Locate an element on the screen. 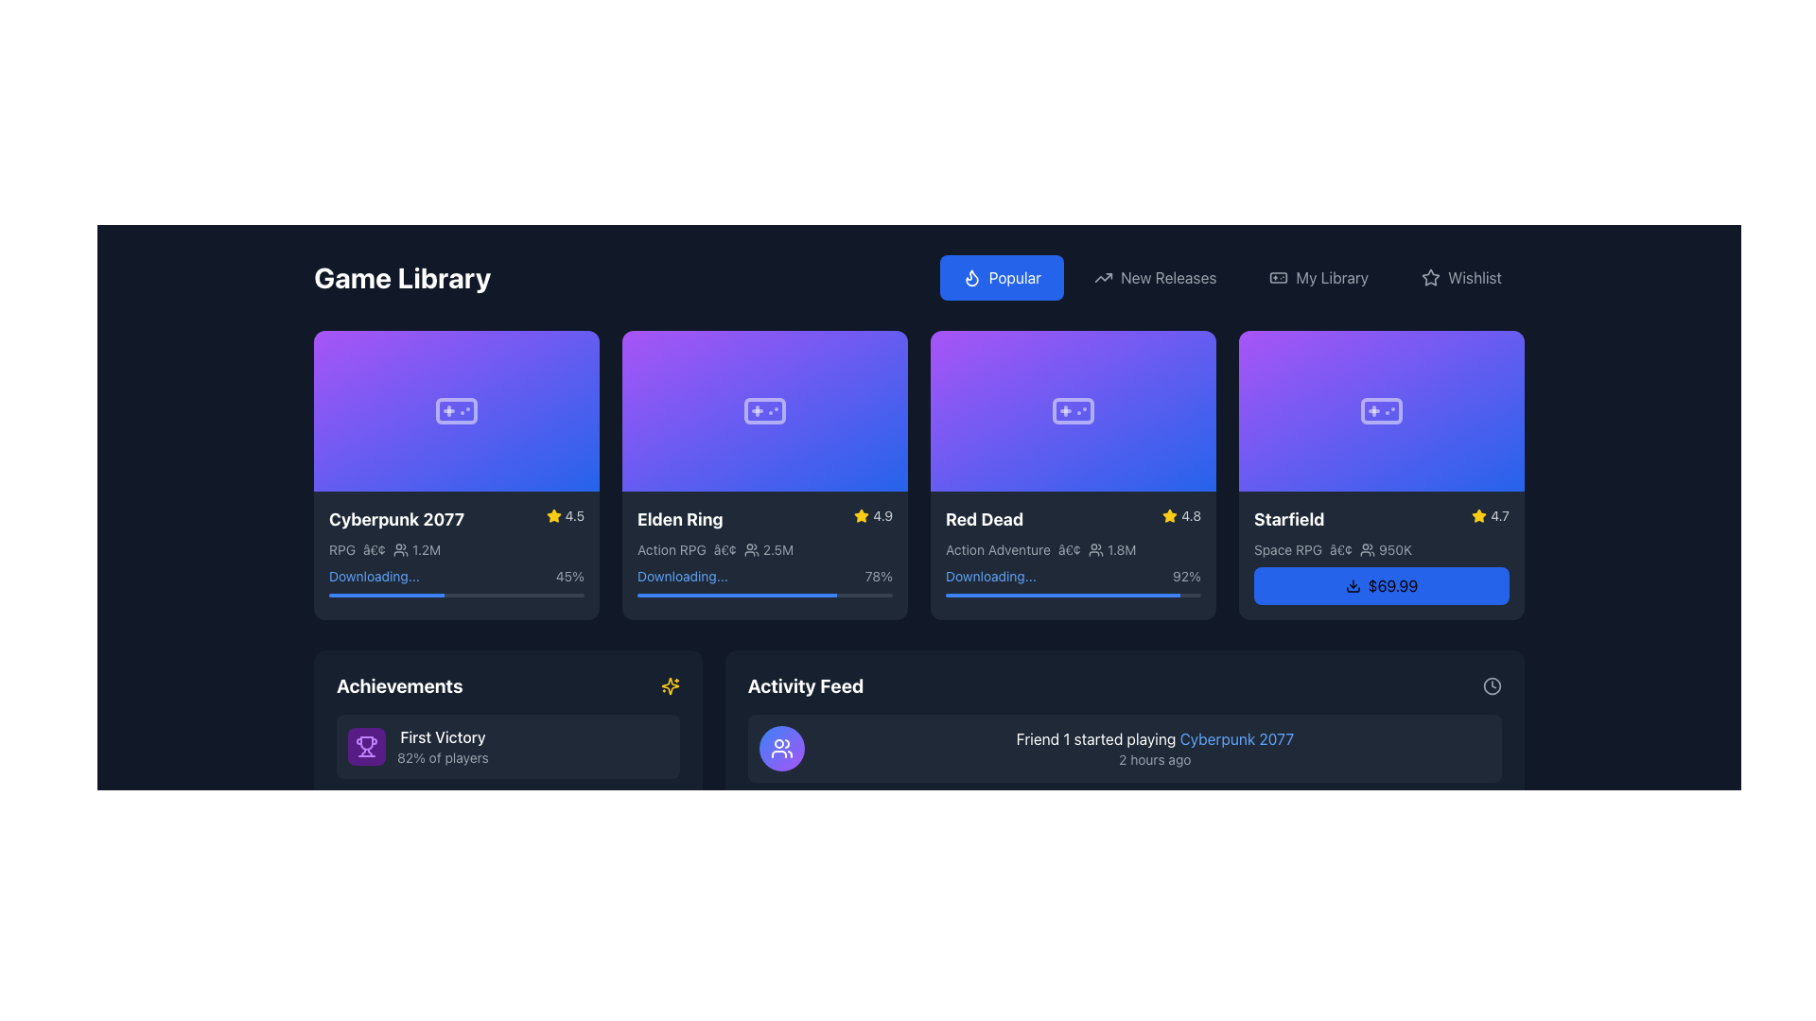 Image resolution: width=1816 pixels, height=1021 pixels. the circular gradient icon with a white silhouette of two human figures, located in the 'Activity Feed' section near the text 'Friend 1 started playing Cyberpunk 2077' is located at coordinates (781, 747).